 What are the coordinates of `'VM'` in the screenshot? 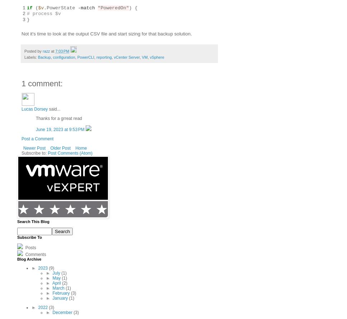 It's located at (144, 57).